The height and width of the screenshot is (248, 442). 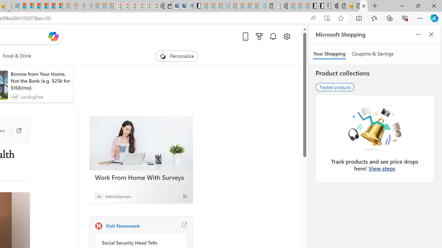 I want to click on 'Microsoft account | Privacy', so click(x=30, y=6).